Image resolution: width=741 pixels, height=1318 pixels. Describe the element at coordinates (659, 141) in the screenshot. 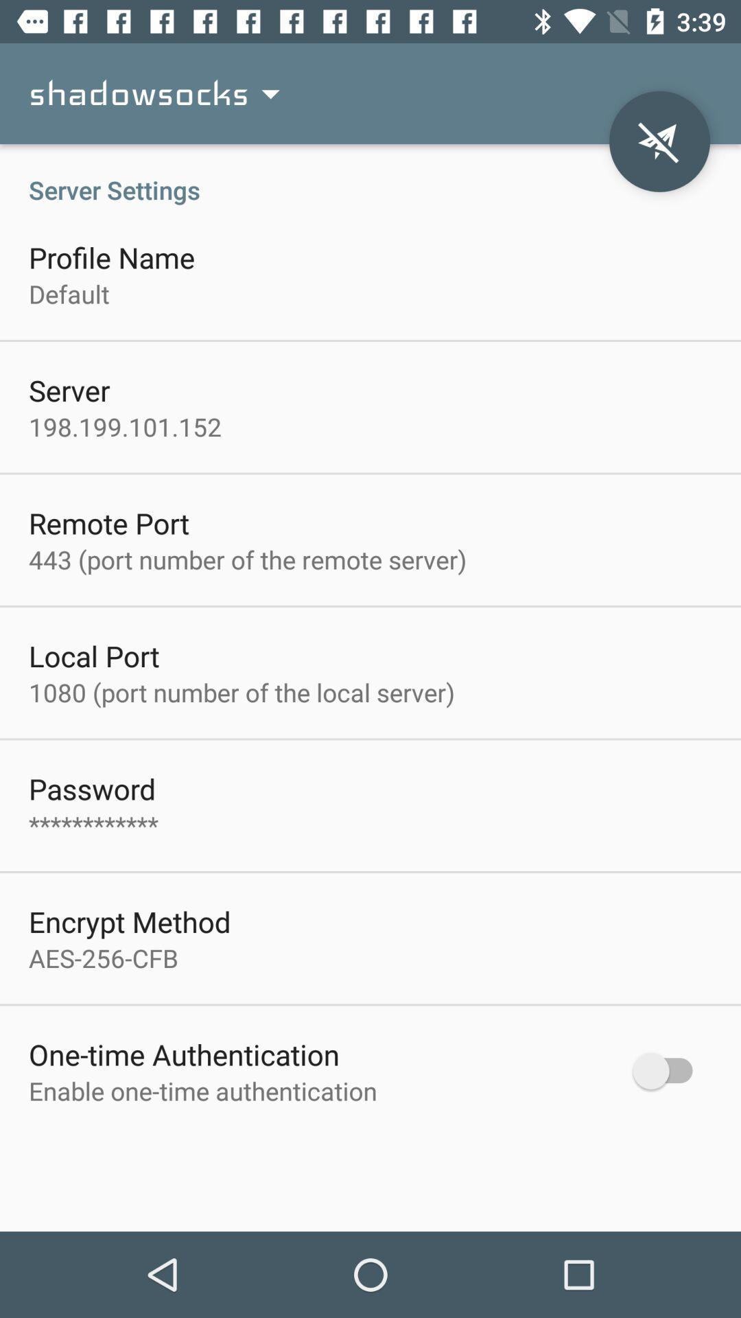

I see `the send icon` at that location.